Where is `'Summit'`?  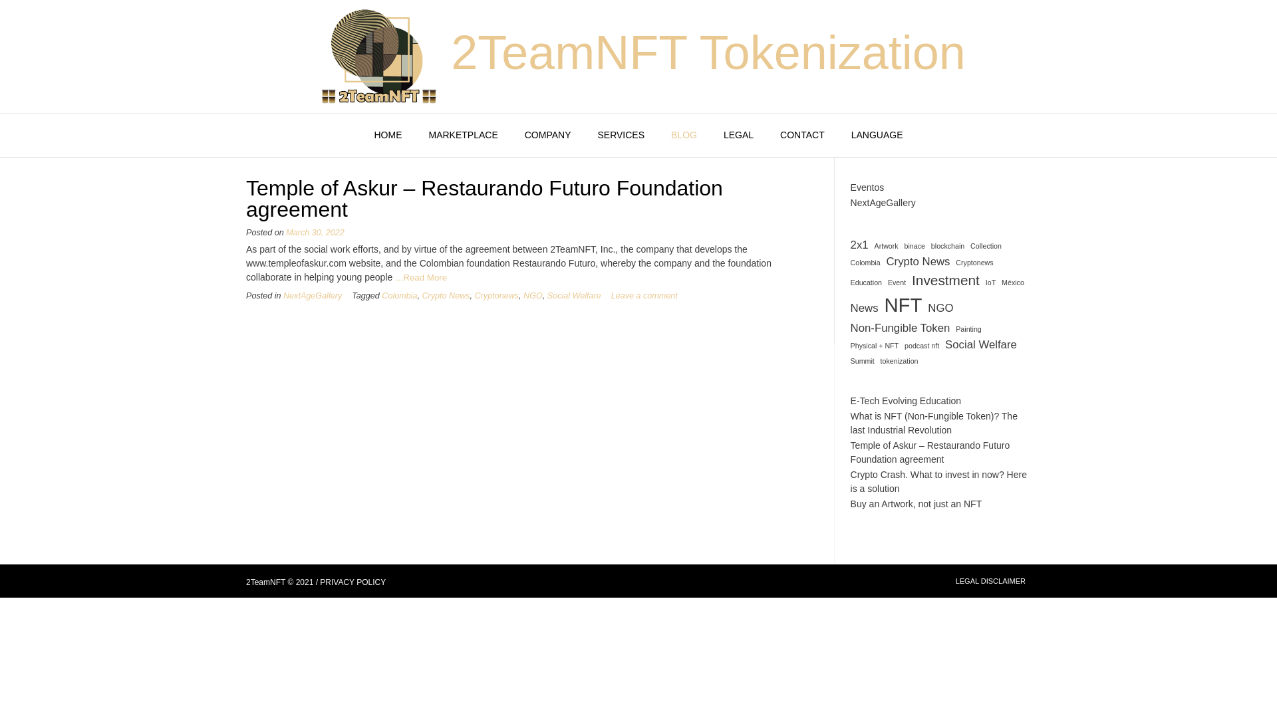
'Summit' is located at coordinates (862, 361).